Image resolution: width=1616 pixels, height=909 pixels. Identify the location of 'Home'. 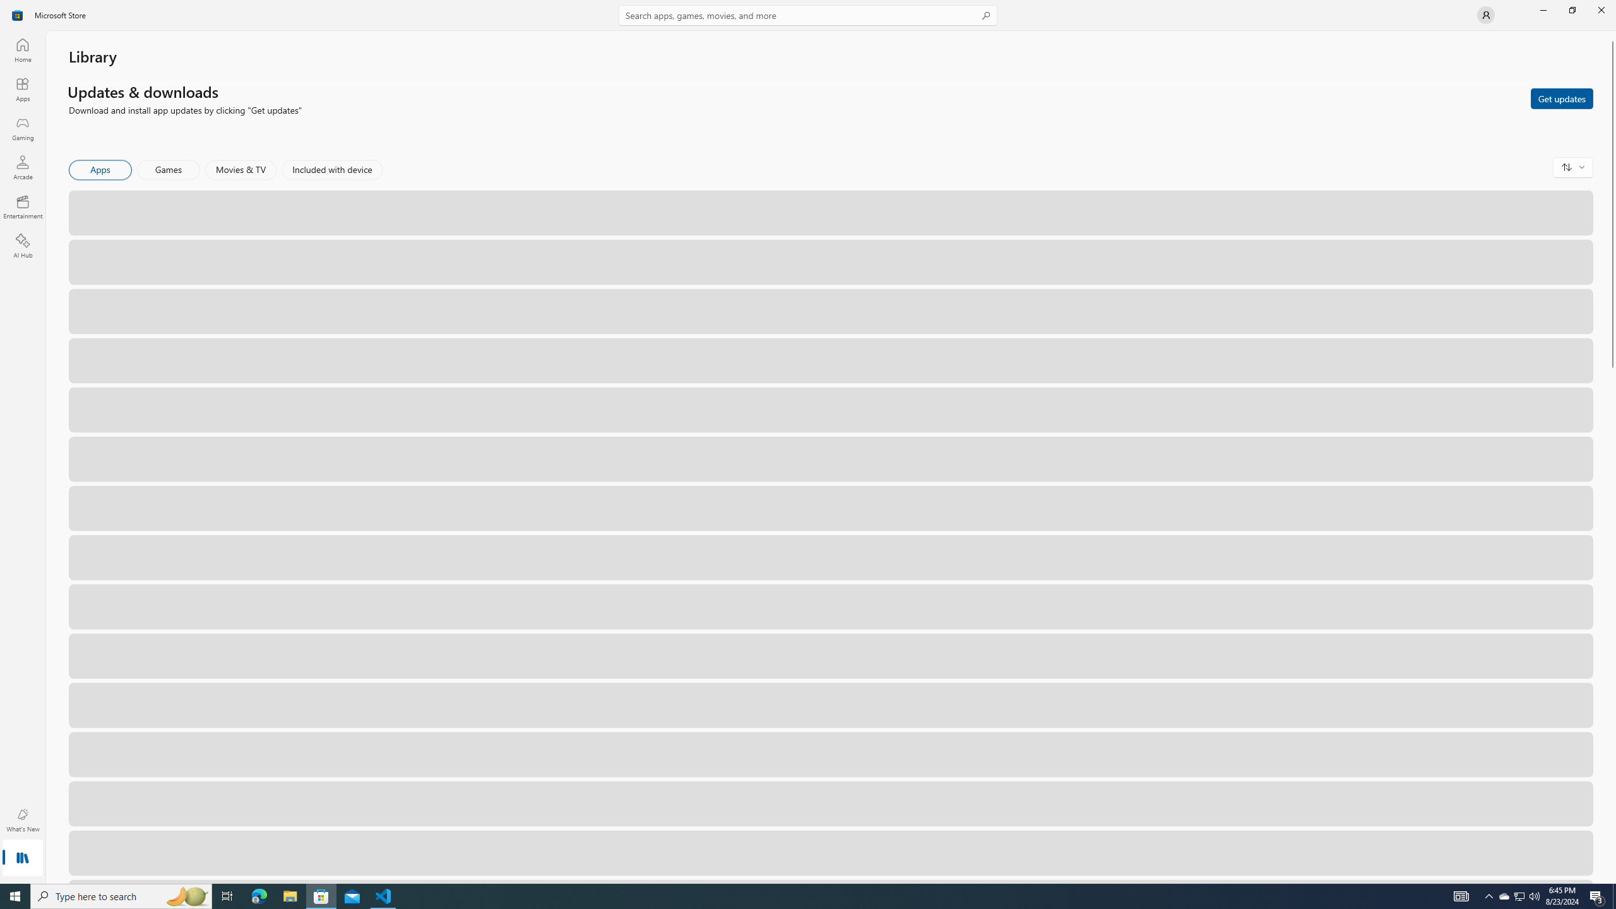
(21, 49).